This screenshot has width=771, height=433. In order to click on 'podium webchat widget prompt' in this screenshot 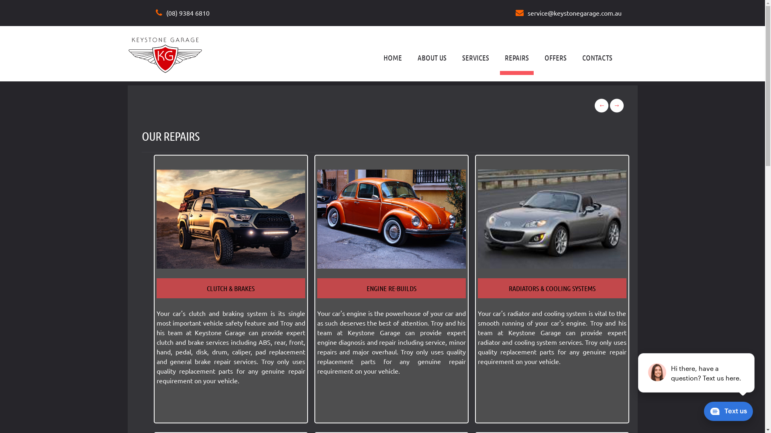, I will do `click(696, 372)`.